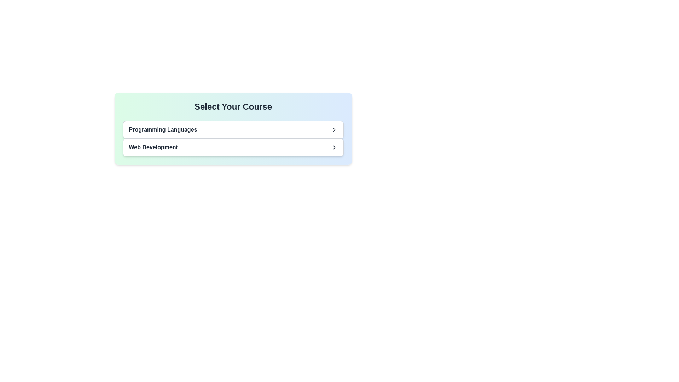 The image size is (679, 382). I want to click on the chevron icon on the right side of the 'Web Development' button to proceed and open additional information related to Web Development, so click(333, 147).